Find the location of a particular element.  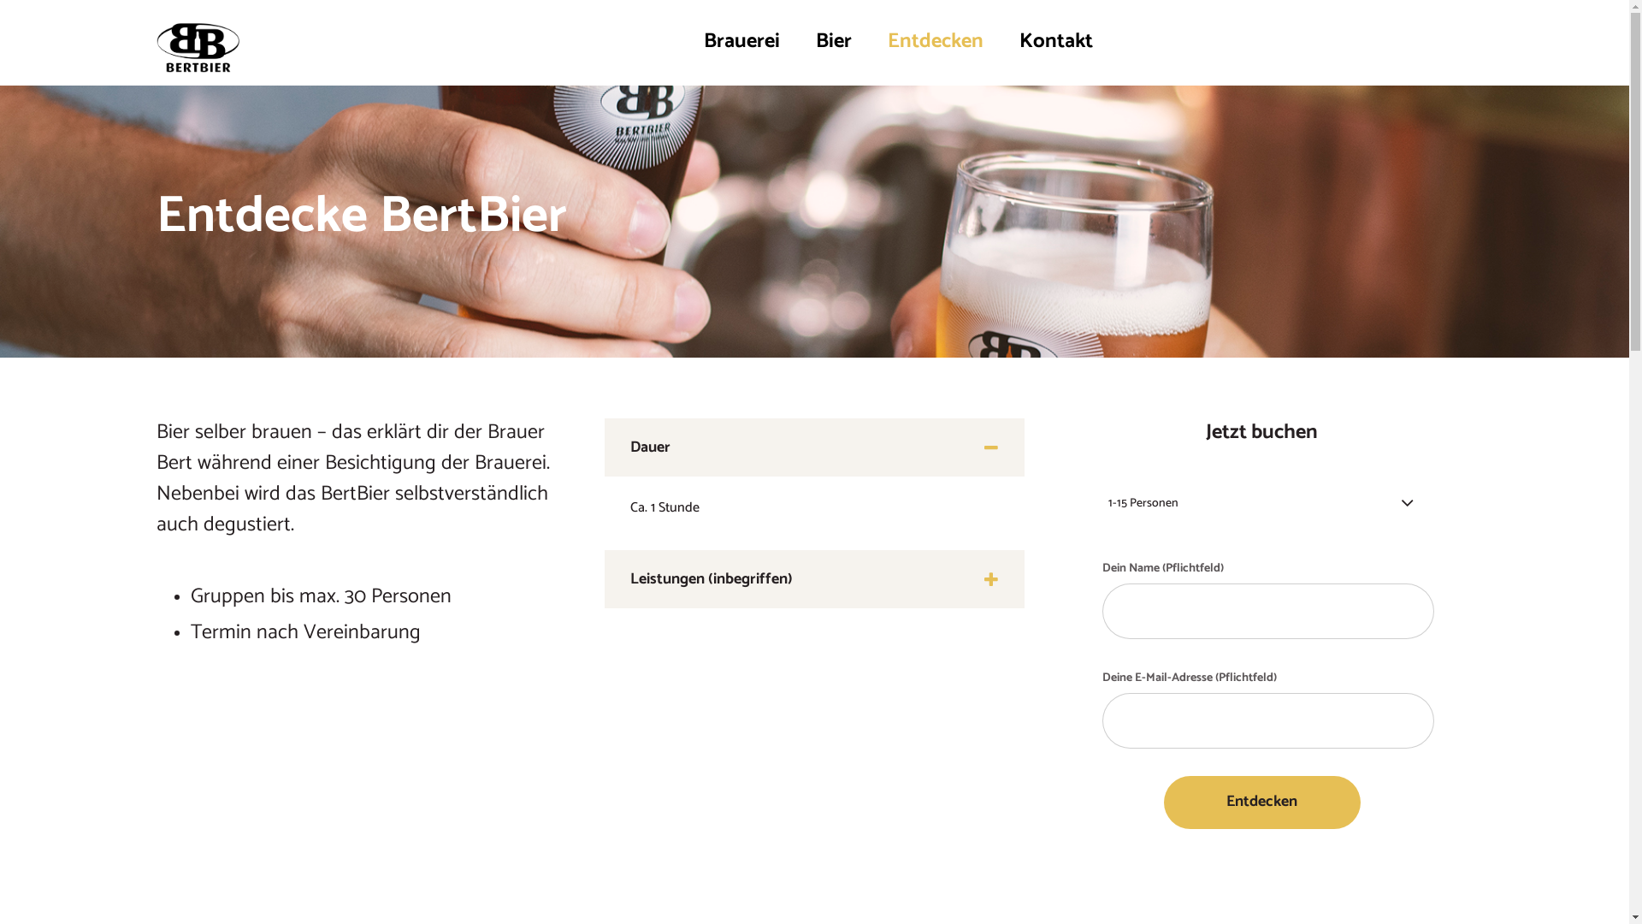

'Entdecken' is located at coordinates (934, 41).